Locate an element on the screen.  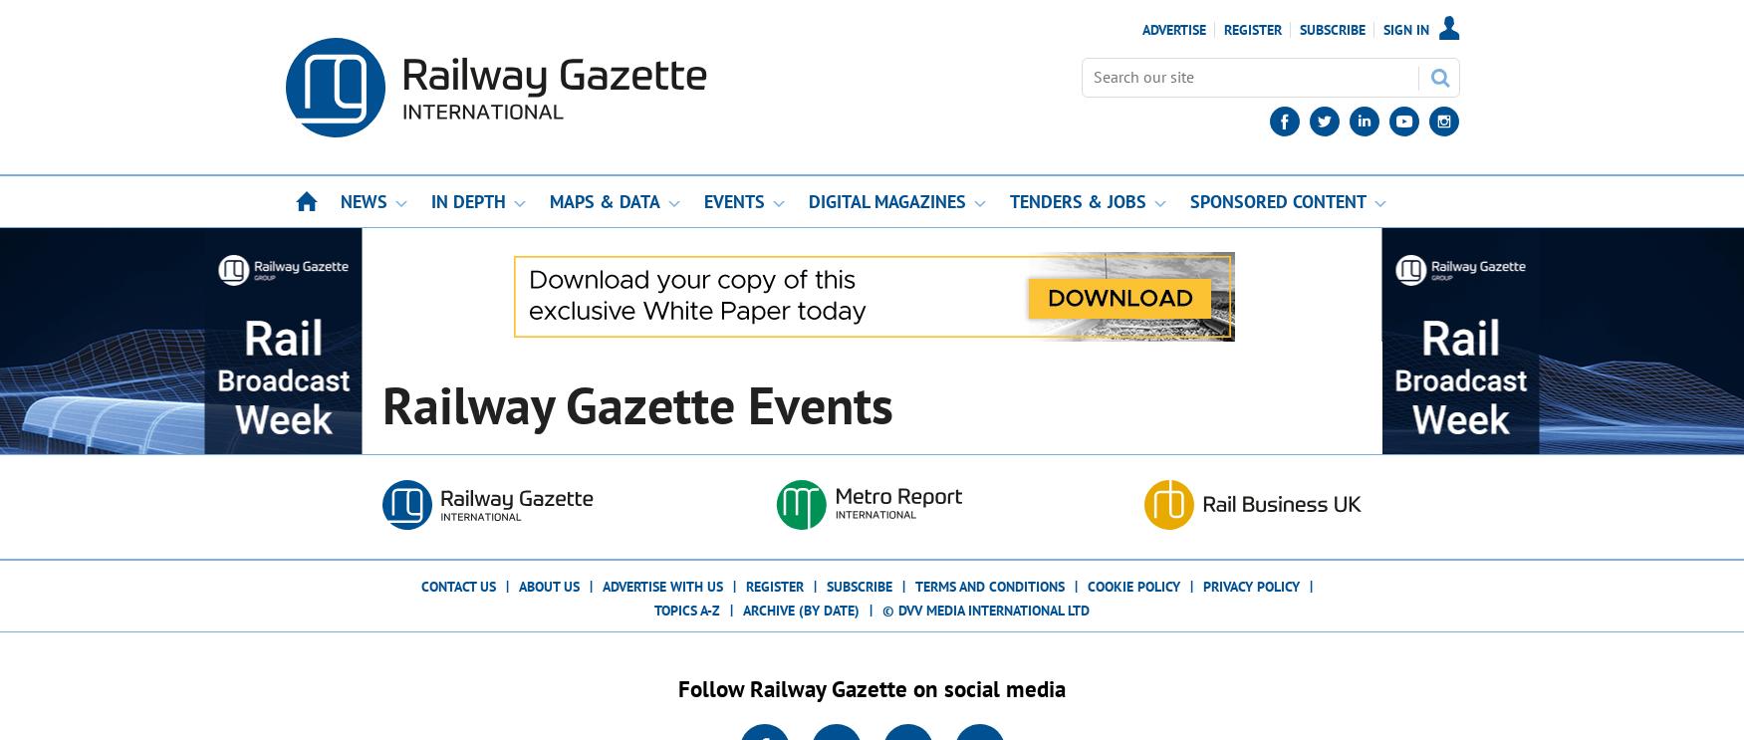
'Railway Gazette Events' is located at coordinates (635, 404).